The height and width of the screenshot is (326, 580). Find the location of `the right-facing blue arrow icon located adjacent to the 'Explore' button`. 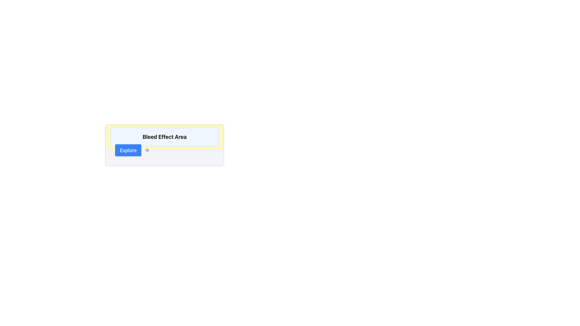

the right-facing blue arrow icon located adjacent to the 'Explore' button is located at coordinates (147, 150).